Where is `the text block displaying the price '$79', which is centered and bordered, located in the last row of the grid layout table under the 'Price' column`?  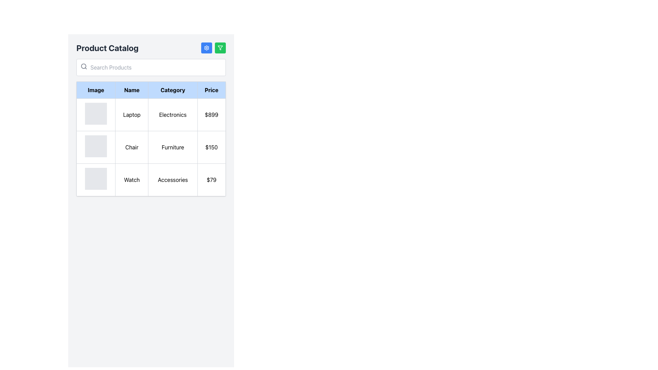
the text block displaying the price '$79', which is centered and bordered, located in the last row of the grid layout table under the 'Price' column is located at coordinates (211, 179).